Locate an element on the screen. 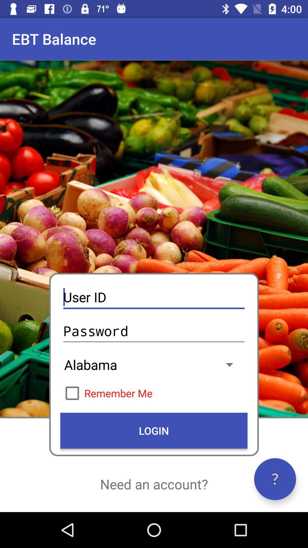  the icon below the ebt balance icon is located at coordinates (153, 297).